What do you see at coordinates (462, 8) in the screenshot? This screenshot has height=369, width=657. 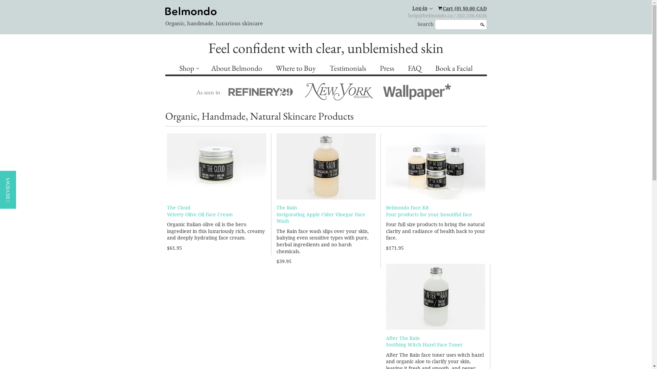 I see `'Cart (0) $0.00 CAD'` at bounding box center [462, 8].